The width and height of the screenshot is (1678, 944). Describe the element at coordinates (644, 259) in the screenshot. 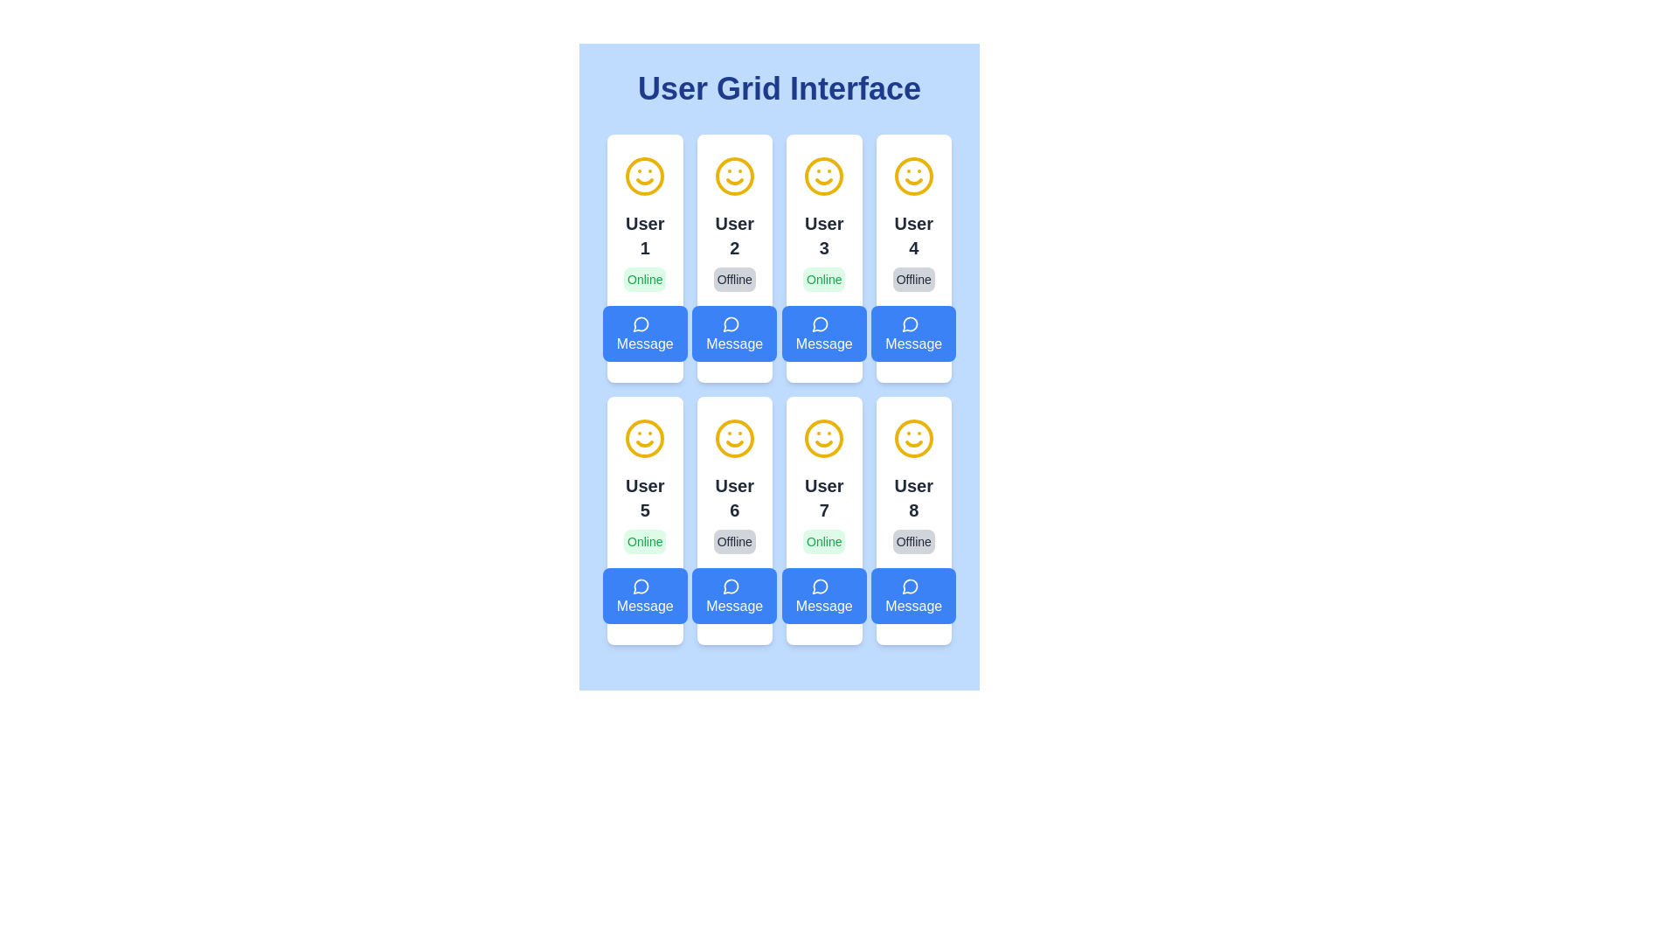

I see `the Profile card located in the first row, first column of the grid layout` at that location.